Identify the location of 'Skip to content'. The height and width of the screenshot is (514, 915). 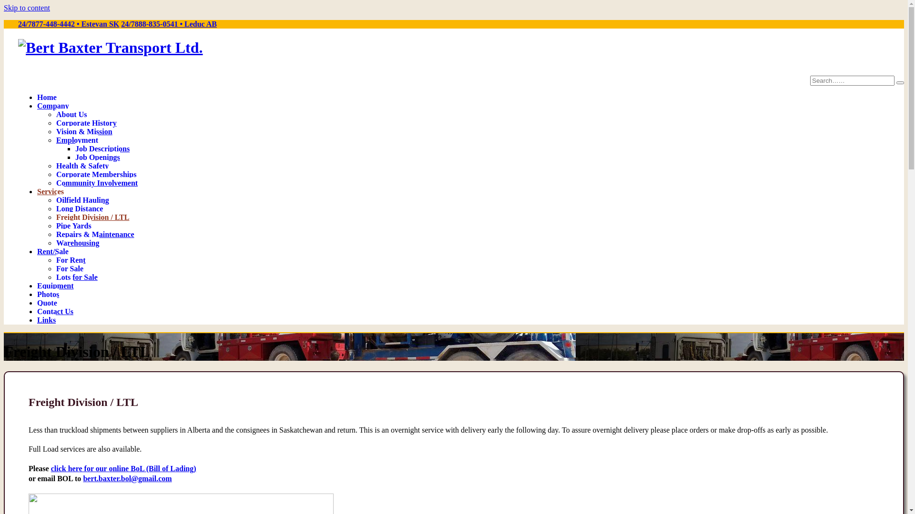
(27, 8).